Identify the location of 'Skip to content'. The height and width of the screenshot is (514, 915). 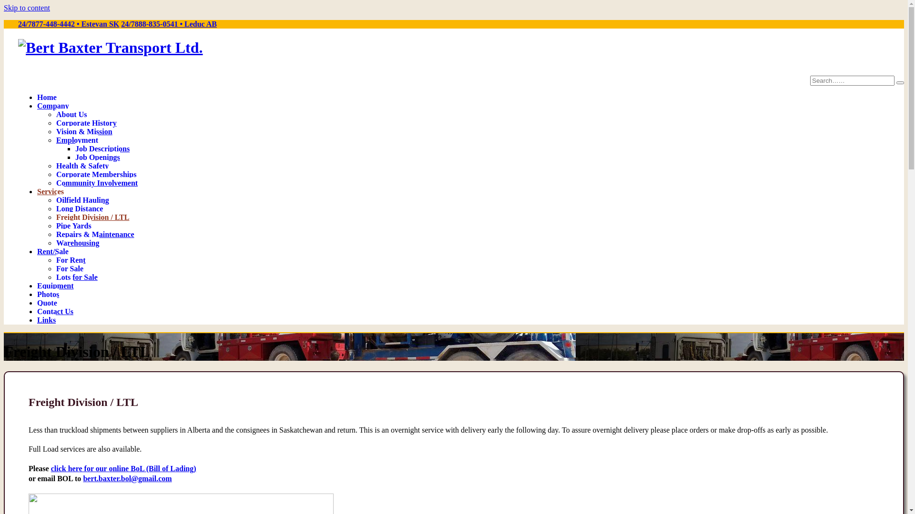
(27, 8).